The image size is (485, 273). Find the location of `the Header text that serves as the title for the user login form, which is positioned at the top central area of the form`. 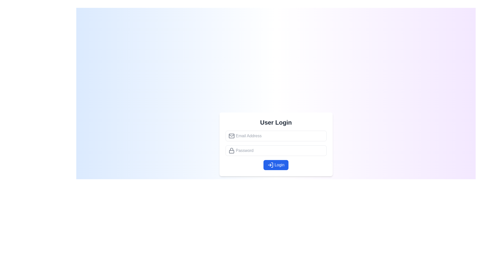

the Header text that serves as the title for the user login form, which is positioned at the top central area of the form is located at coordinates (276, 123).